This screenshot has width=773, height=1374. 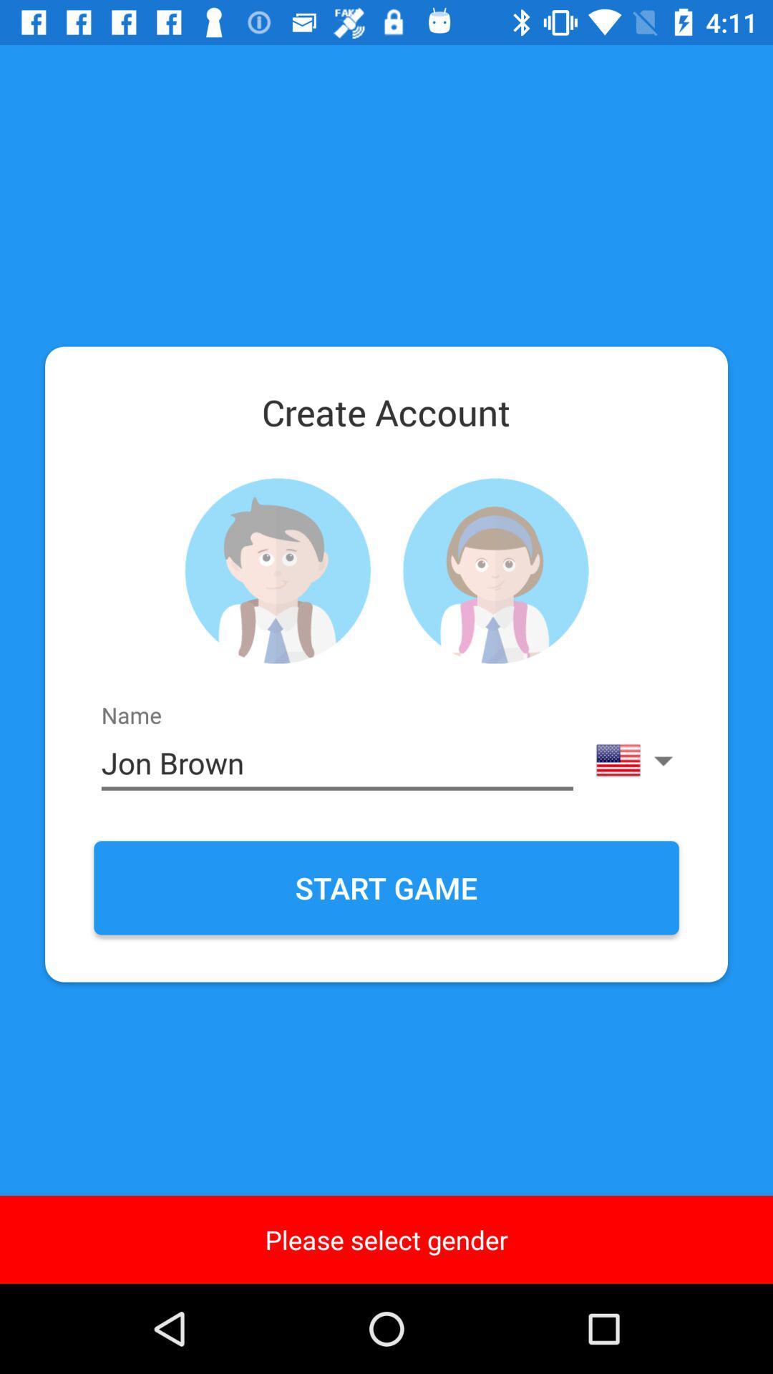 What do you see at coordinates (495, 570) in the screenshot?
I see `female gender selection option` at bounding box center [495, 570].